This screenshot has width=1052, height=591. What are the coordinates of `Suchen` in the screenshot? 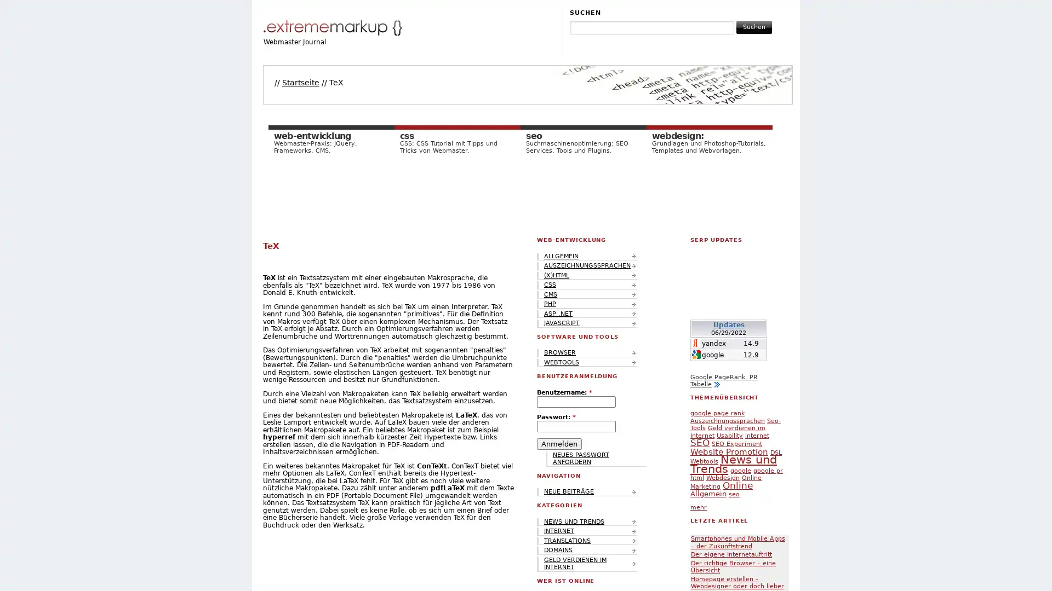 It's located at (753, 26).